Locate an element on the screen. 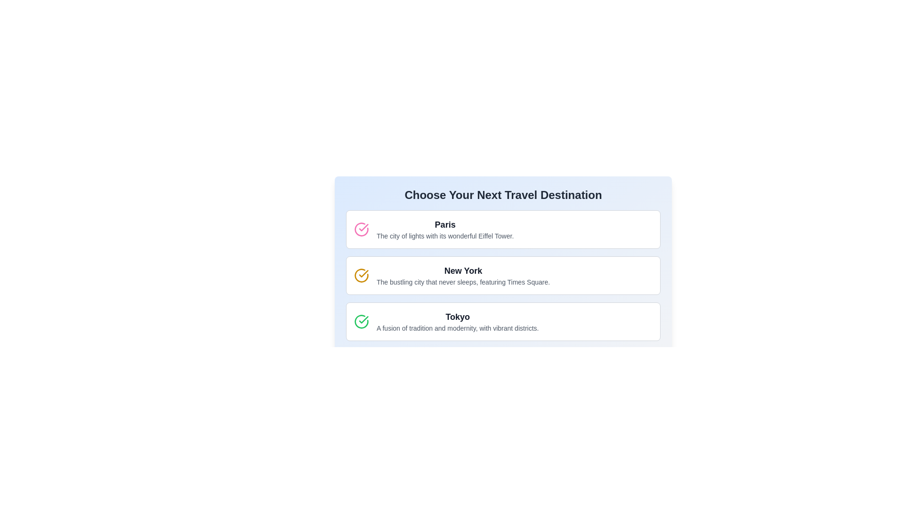  the pink circular icon with a checkmark, which is located to the left of the 'Paris' text block in the first card of a vertical list of destination cards is located at coordinates (361, 230).